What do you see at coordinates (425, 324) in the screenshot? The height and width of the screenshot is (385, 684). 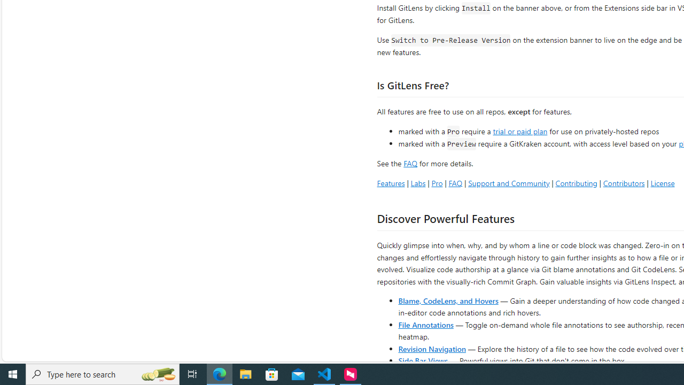 I see `'File Annotations'` at bounding box center [425, 324].